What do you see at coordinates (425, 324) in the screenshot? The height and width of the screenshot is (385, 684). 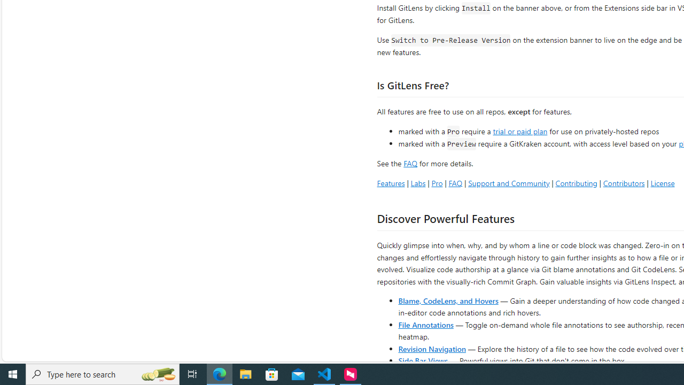 I see `'File Annotations'` at bounding box center [425, 324].